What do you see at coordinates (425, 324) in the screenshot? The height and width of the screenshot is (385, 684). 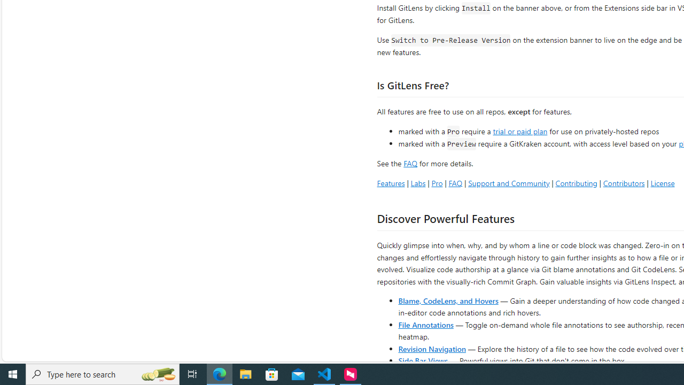 I see `'File Annotations'` at bounding box center [425, 324].